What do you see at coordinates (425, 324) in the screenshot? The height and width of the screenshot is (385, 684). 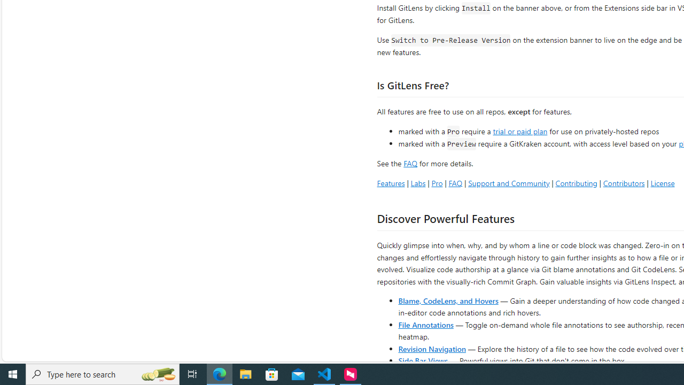 I see `'File Annotations'` at bounding box center [425, 324].